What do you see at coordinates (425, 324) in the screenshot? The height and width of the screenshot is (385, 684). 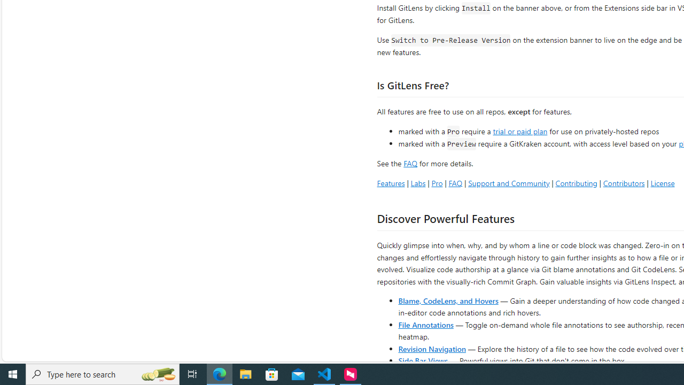 I see `'File Annotations'` at bounding box center [425, 324].